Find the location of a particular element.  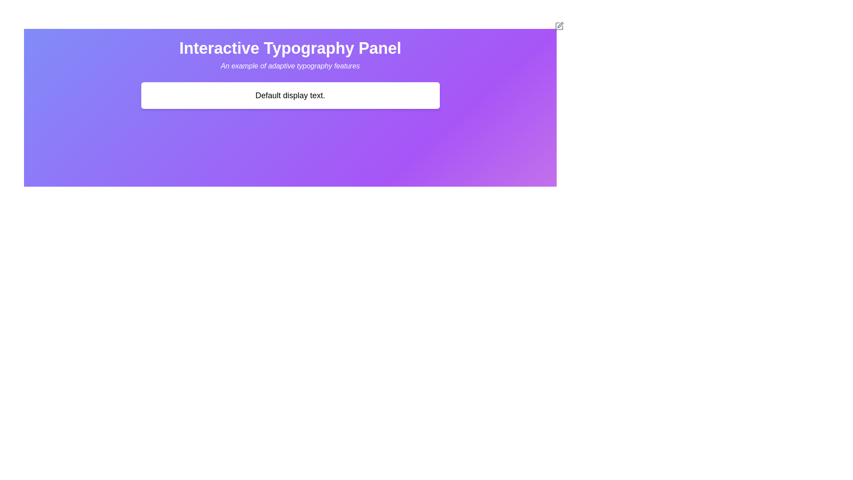

the edit icon located in the top-right corner of the 'Interactive Typography Panel' is located at coordinates (560, 24).